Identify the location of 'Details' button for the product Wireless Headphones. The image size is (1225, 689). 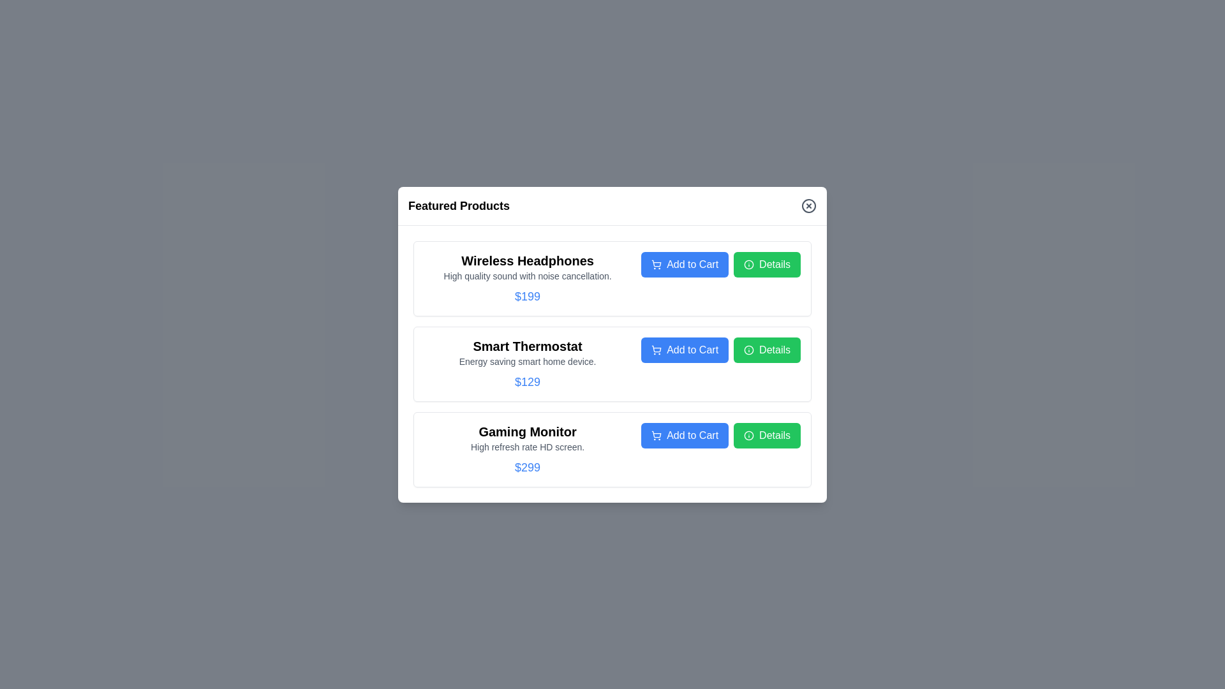
(766, 263).